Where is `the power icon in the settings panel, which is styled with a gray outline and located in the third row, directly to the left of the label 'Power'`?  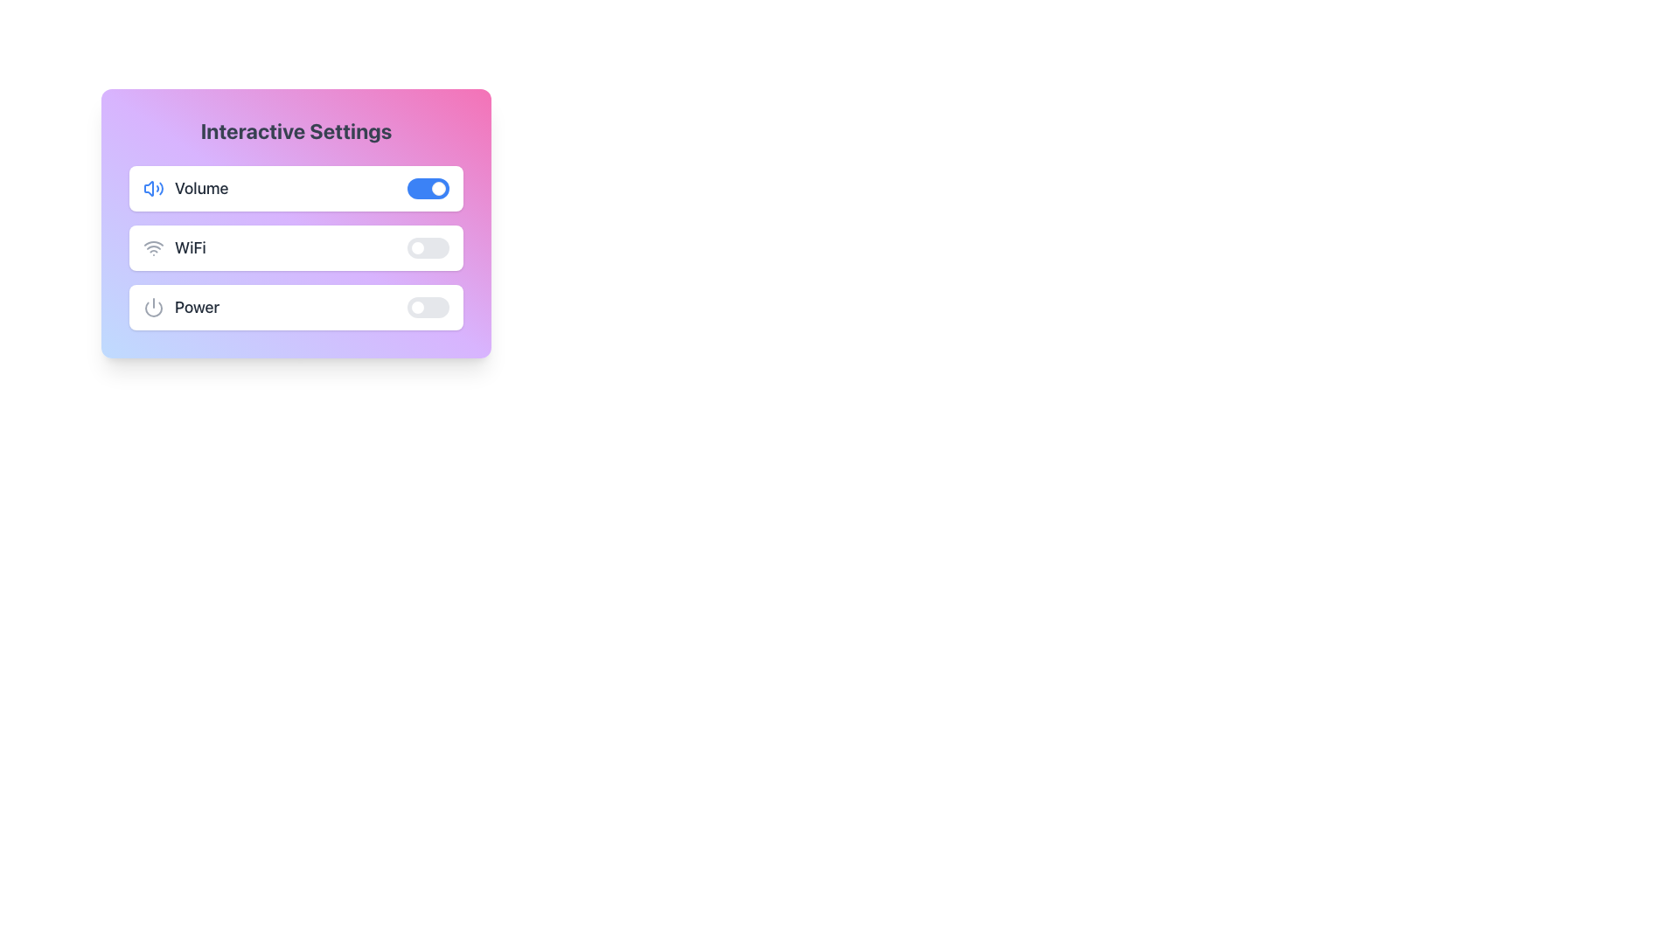
the power icon in the settings panel, which is styled with a gray outline and located in the third row, directly to the left of the label 'Power' is located at coordinates (154, 306).